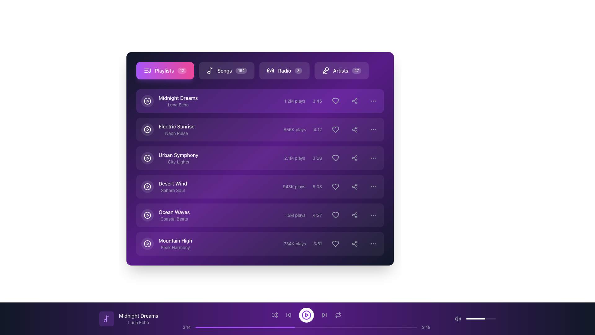 Image resolution: width=595 pixels, height=335 pixels. What do you see at coordinates (317, 101) in the screenshot?
I see `the text label displaying the duration '3:45', which is styled in a small, gray font and located between the play count and interactive buttons in the playlist table row` at bounding box center [317, 101].